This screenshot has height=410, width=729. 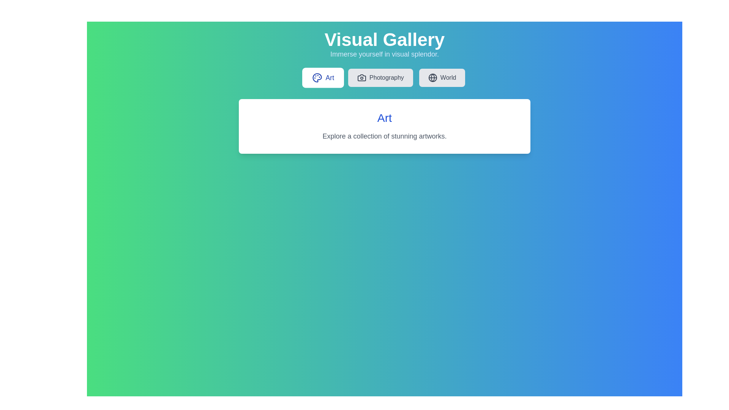 What do you see at coordinates (323, 77) in the screenshot?
I see `the navigation button labeled Art` at bounding box center [323, 77].